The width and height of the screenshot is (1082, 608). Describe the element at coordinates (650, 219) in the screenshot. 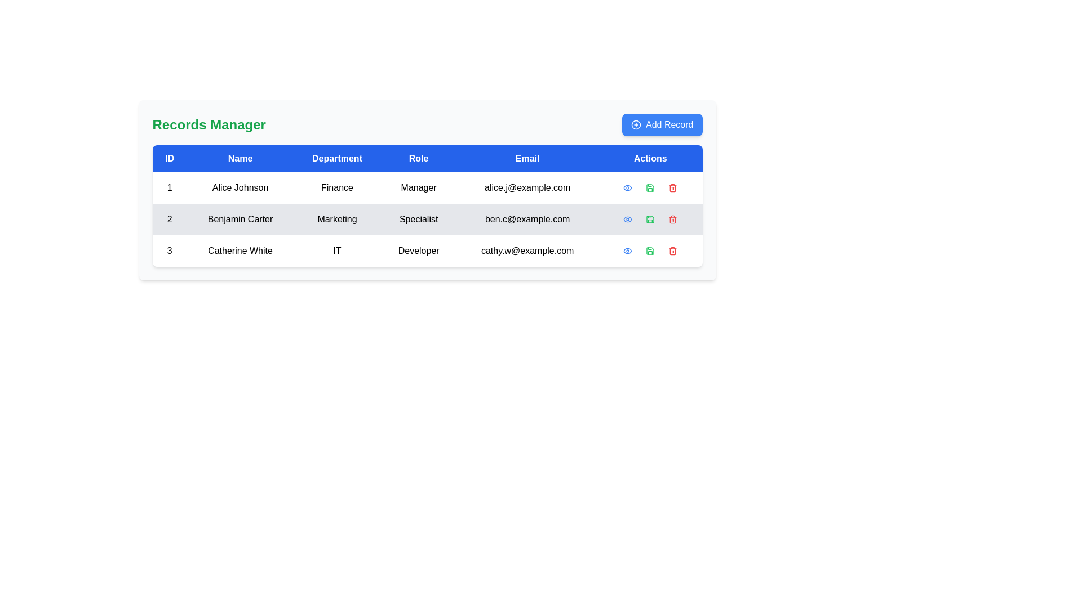

I see `the save icon button located in the 'Actions' column of the second row in the tabular layout` at that location.